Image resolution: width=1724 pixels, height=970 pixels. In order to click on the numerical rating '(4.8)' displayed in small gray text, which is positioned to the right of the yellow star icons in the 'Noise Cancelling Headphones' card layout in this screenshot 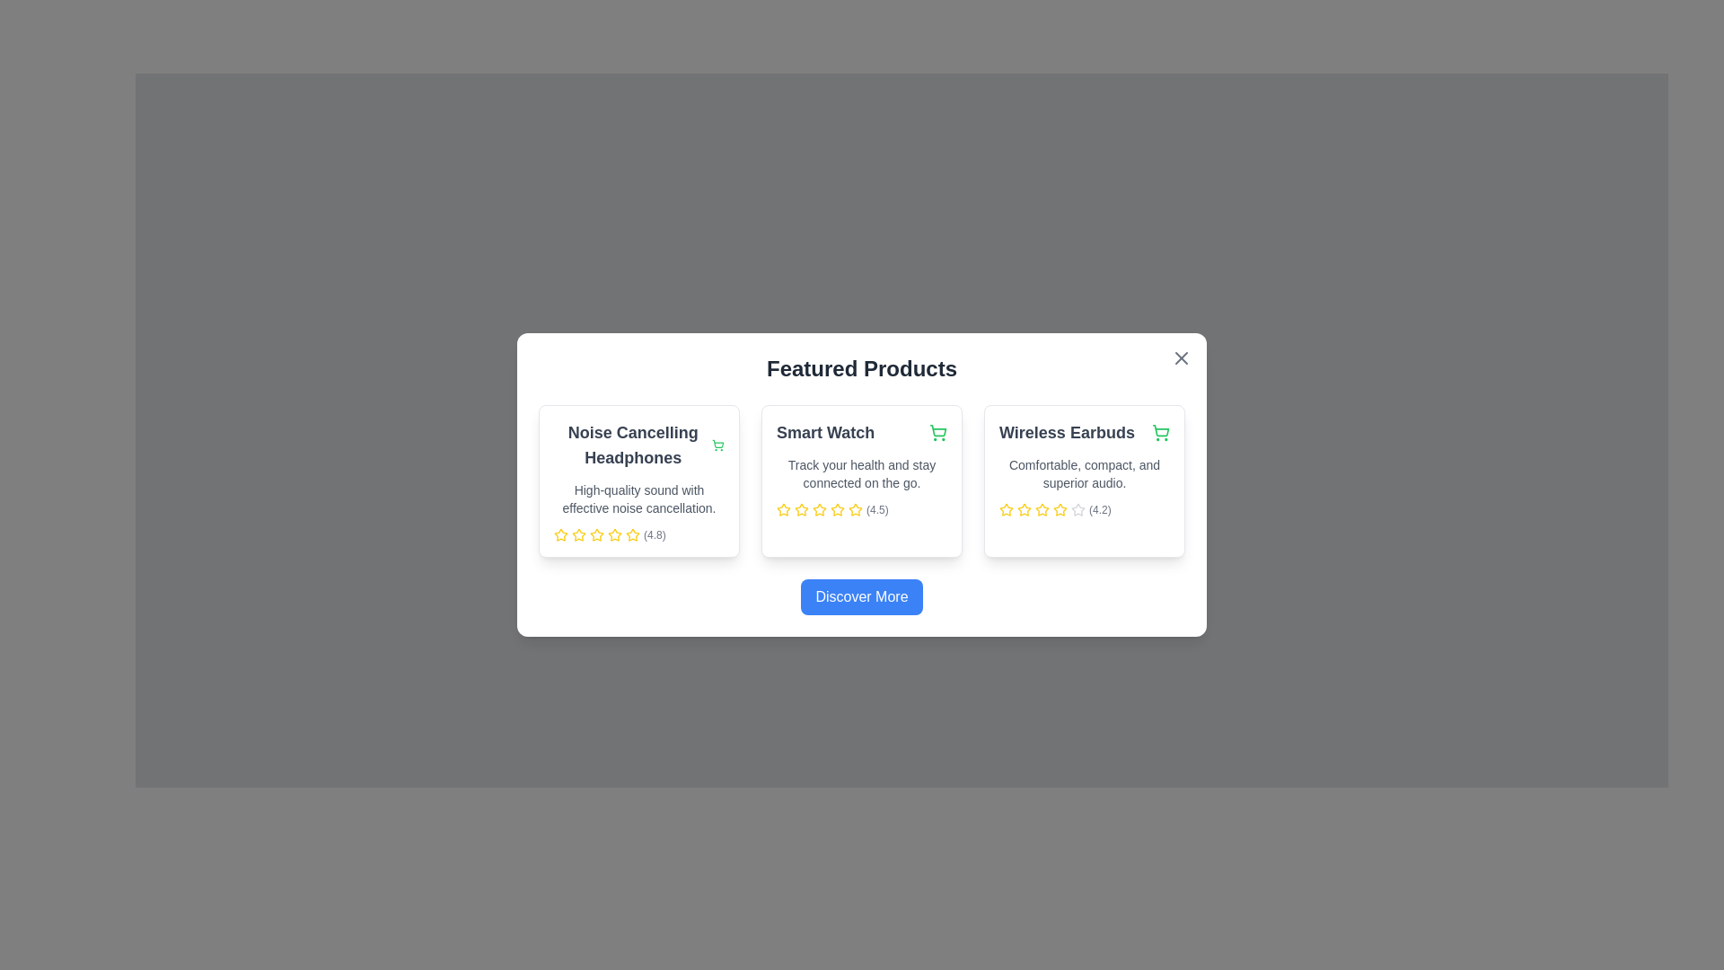, I will do `click(654, 534)`.